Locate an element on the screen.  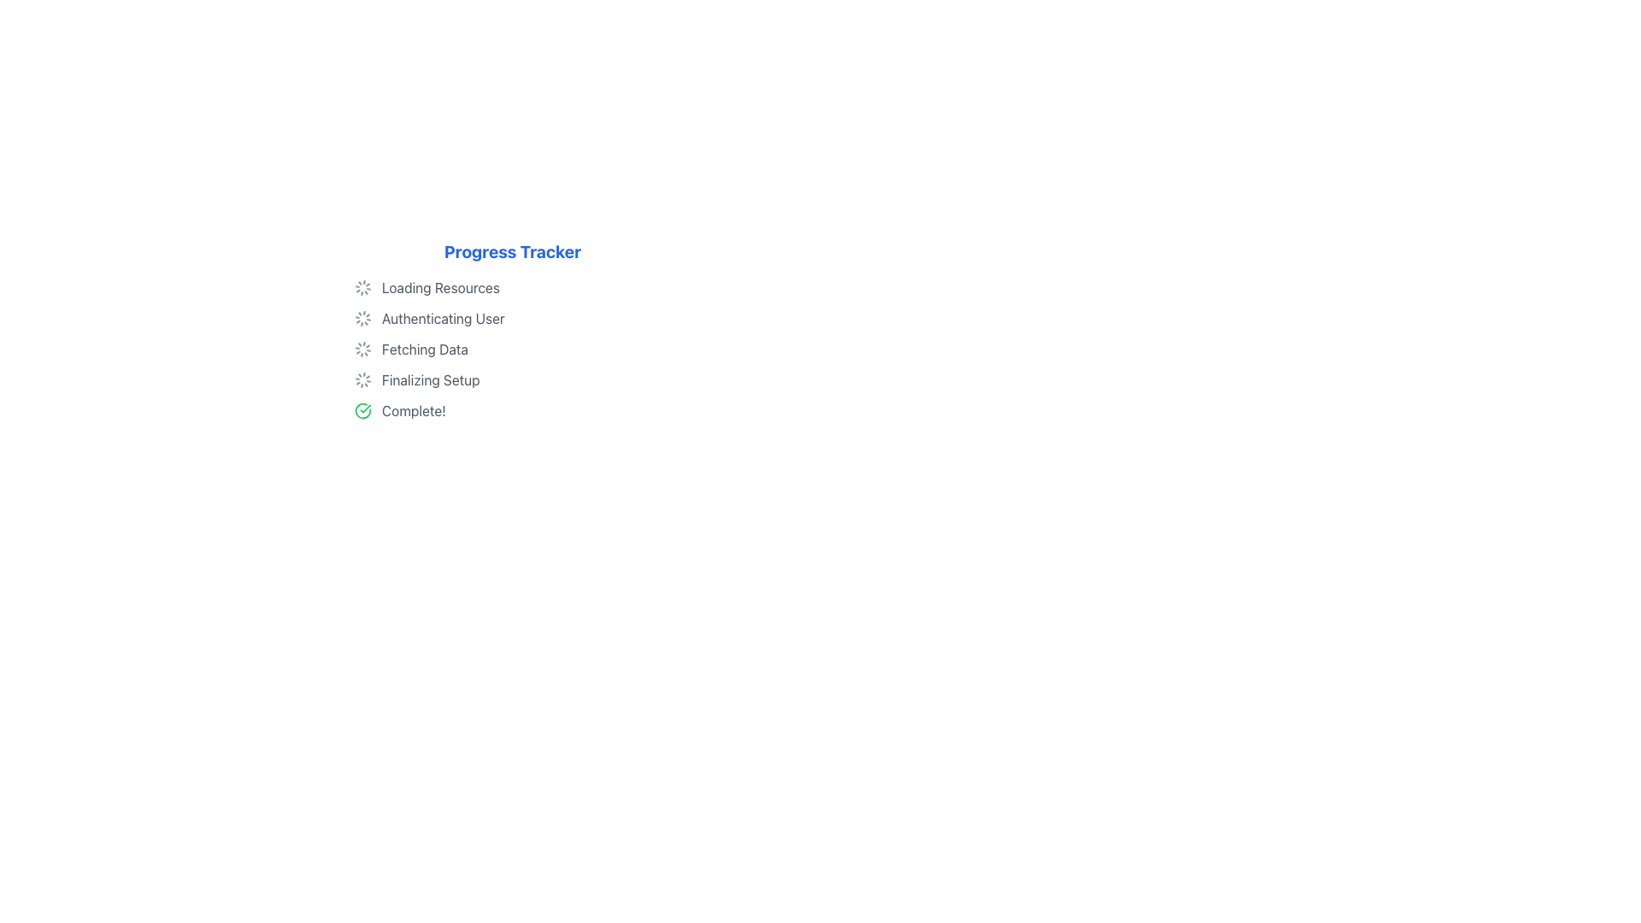
the static text label that provides feedback about the ongoing process of loading resources, located under the header 'Progress Tracker' and positioned to the right of a spinning loader icon is located at coordinates (440, 286).